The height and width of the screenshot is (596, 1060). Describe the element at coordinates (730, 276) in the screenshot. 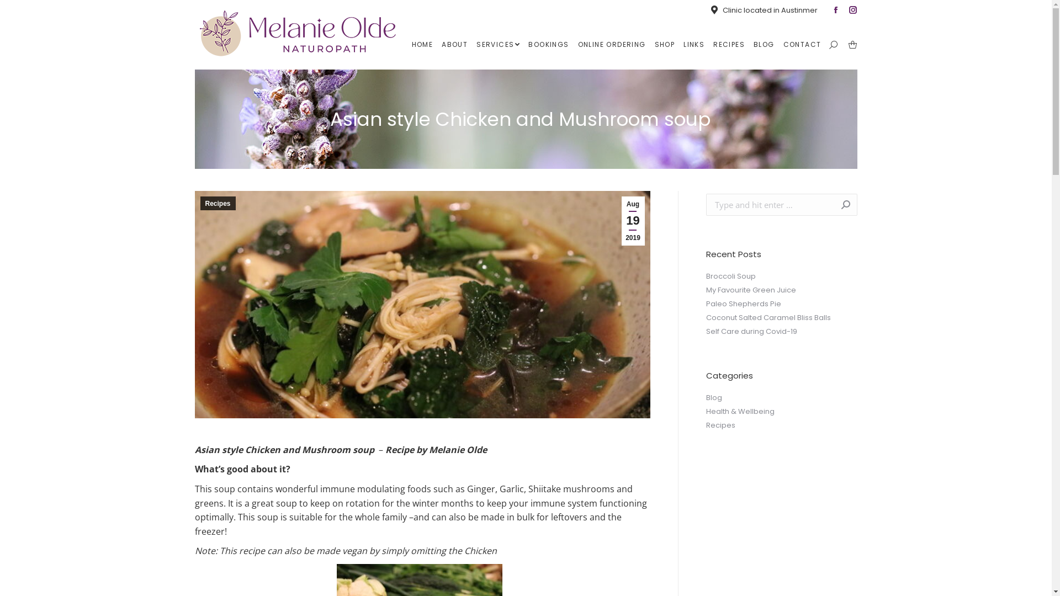

I see `'Broccoli Soup'` at that location.